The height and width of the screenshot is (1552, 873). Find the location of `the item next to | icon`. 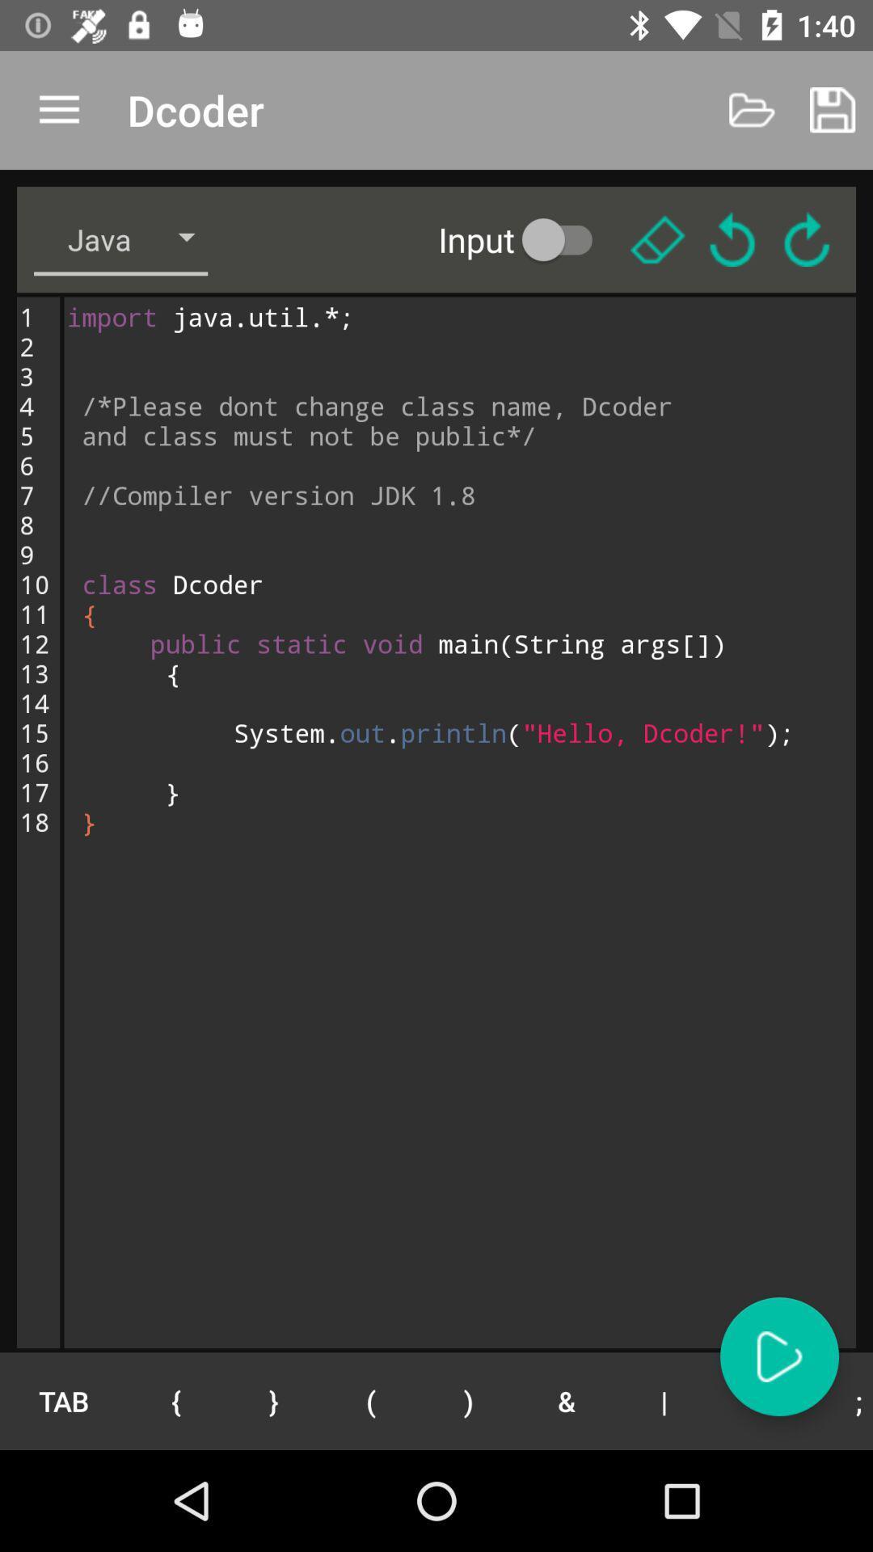

the item next to | icon is located at coordinates (761, 1400).